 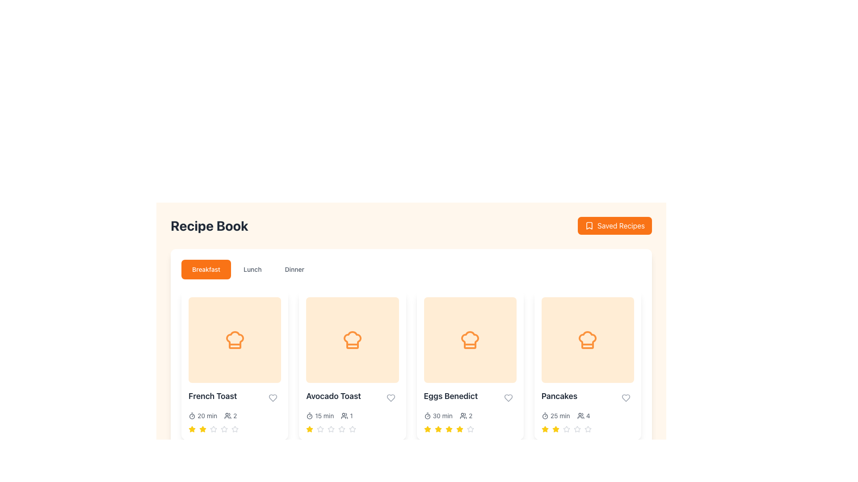 I want to click on the SVG icon representing the 'Eggs Benedict' recipe item, which is centrally aligned at the top of the card with a light cream-colored background, so click(x=470, y=340).